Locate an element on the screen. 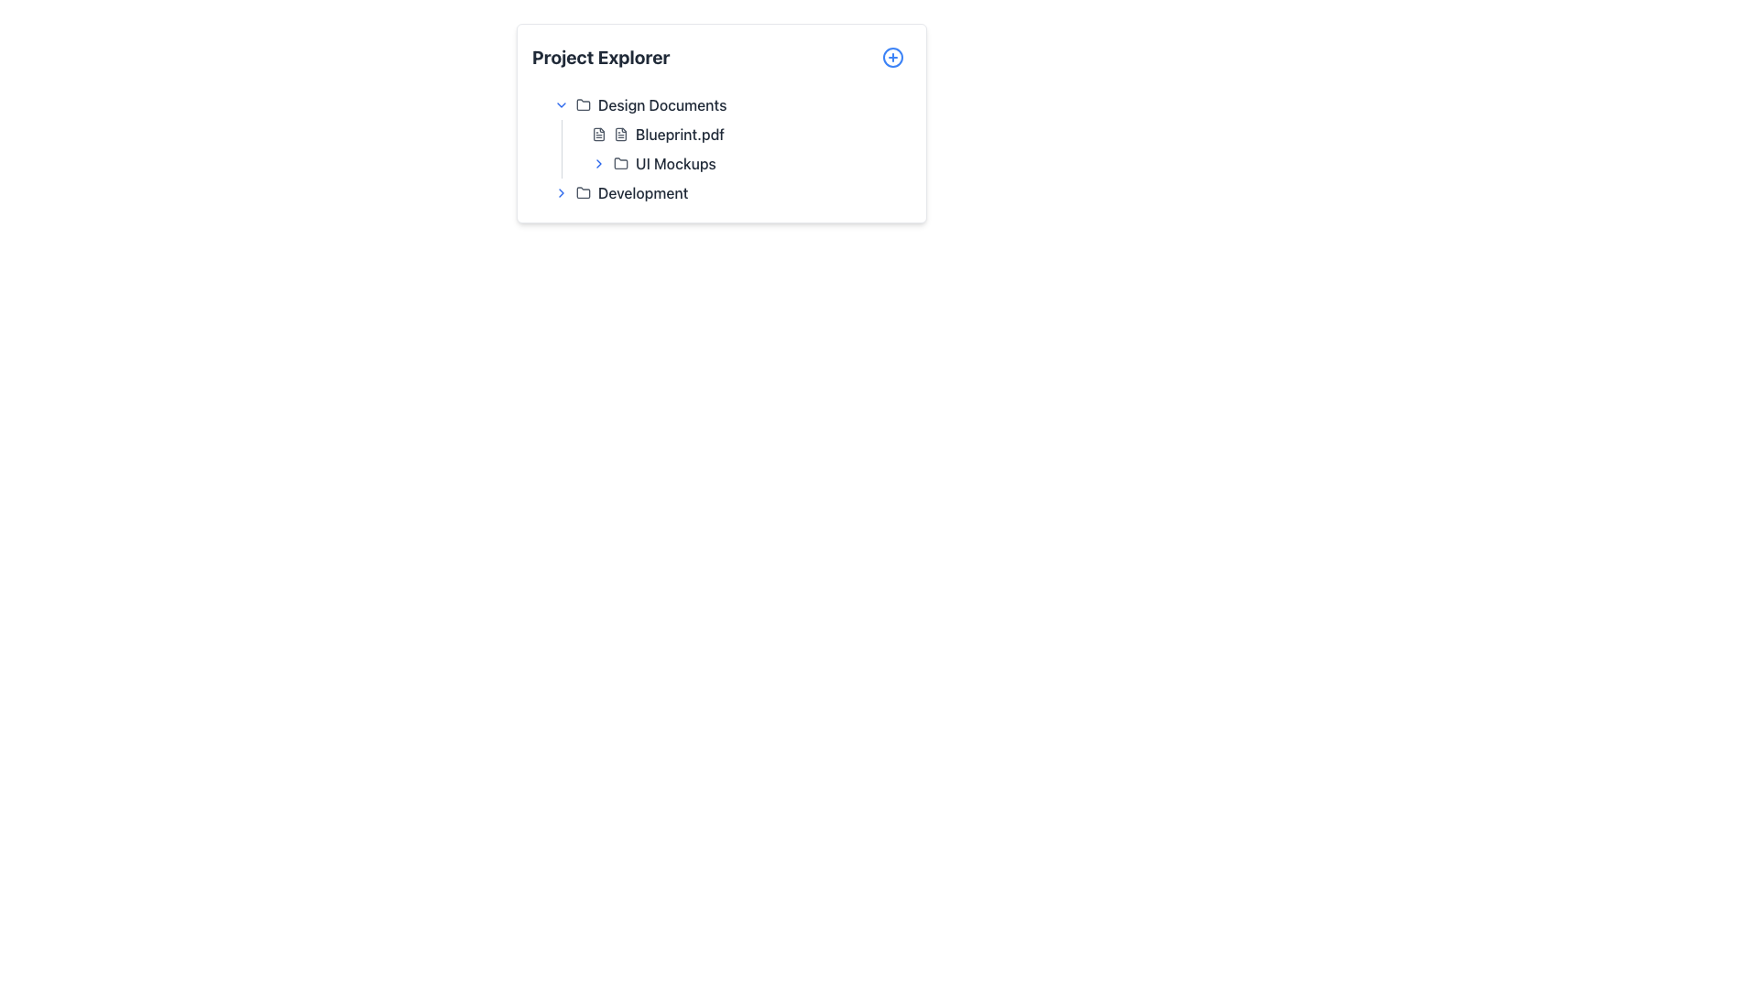 This screenshot has width=1759, height=989. the folder icon indicating the 'Development' entry is located at coordinates (583, 191).